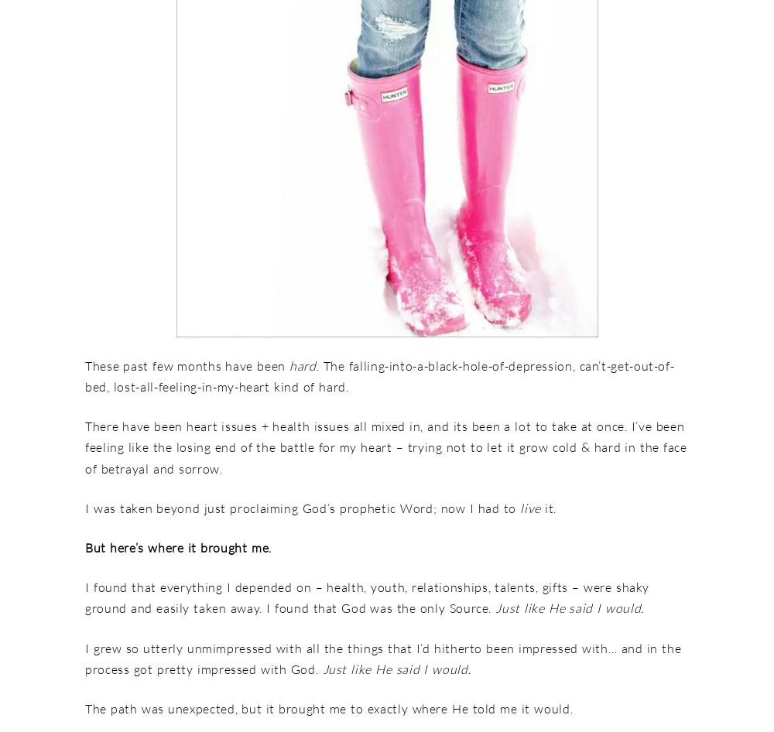  What do you see at coordinates (329, 706) in the screenshot?
I see `'The path was unexpected, but it brought me to exactly where He told me it would.'` at bounding box center [329, 706].